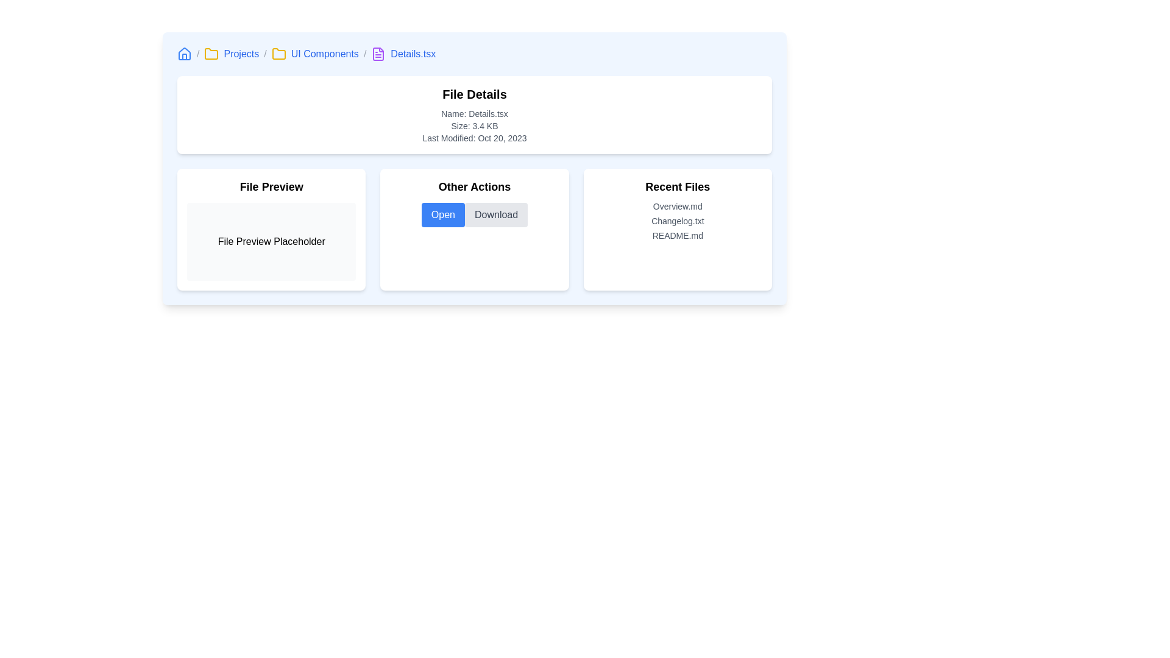 The height and width of the screenshot is (658, 1170). What do you see at coordinates (473, 93) in the screenshot?
I see `the bold text label reading 'File Details' at the top of the card section` at bounding box center [473, 93].